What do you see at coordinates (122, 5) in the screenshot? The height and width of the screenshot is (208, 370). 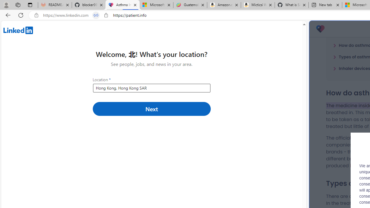 I see `'Asthma Inhalers: Names and Types'` at bounding box center [122, 5].